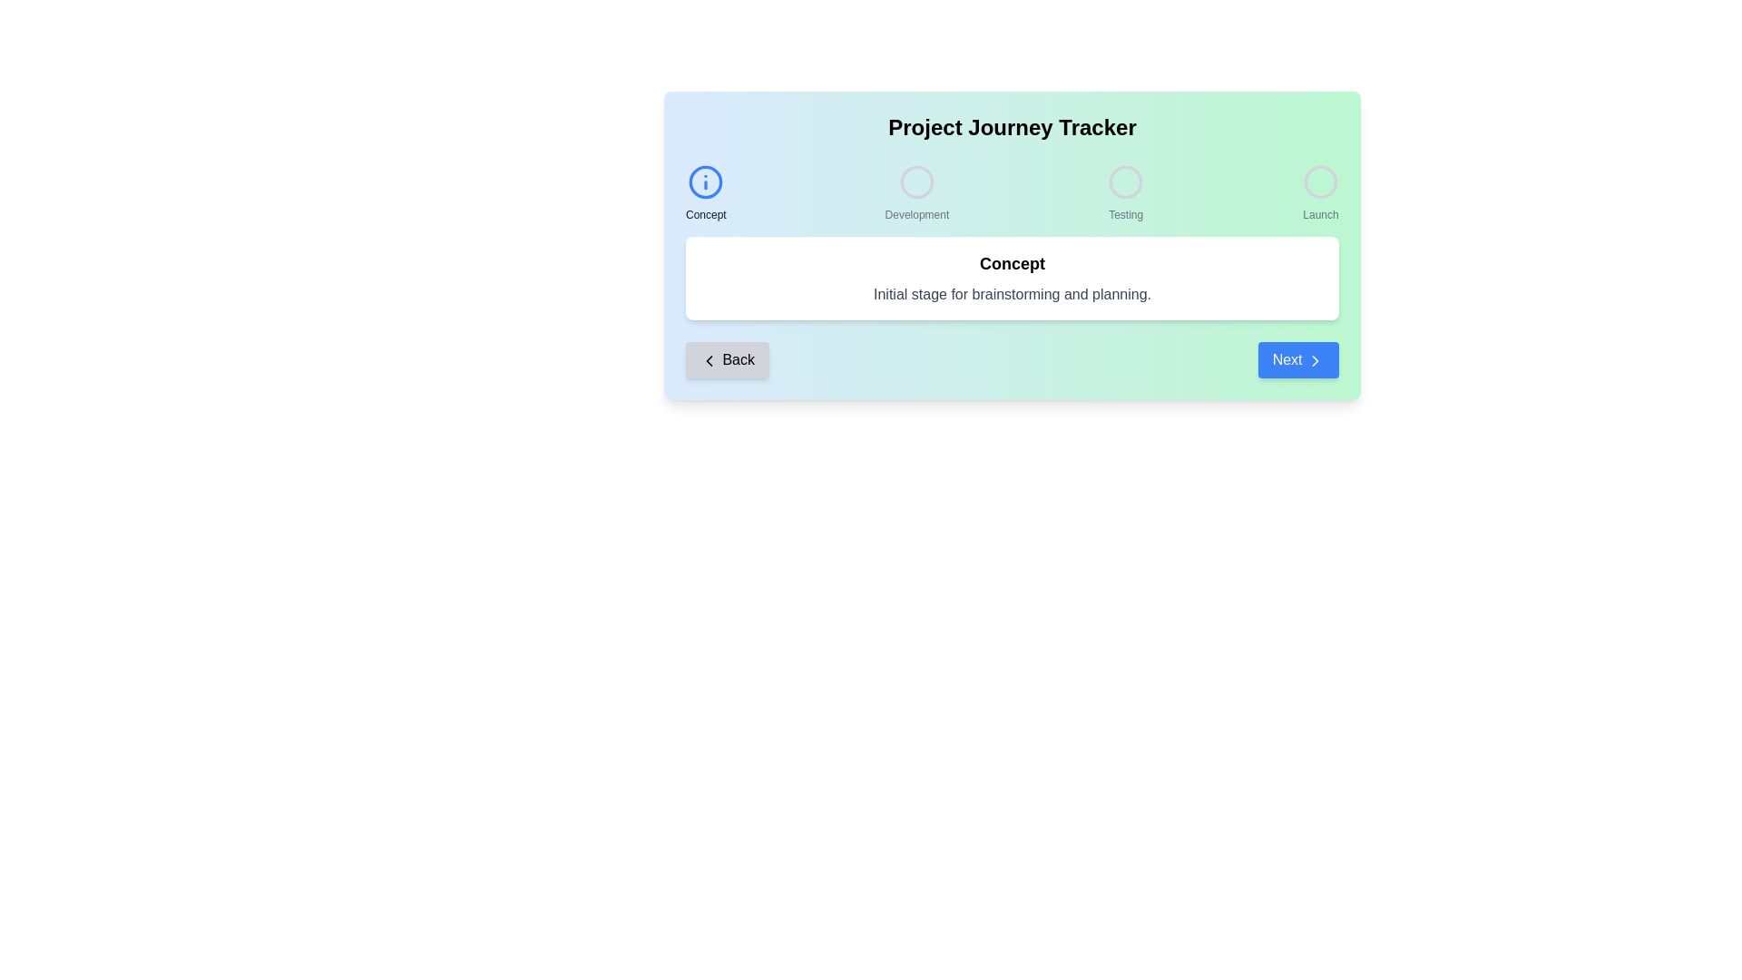 The image size is (1742, 980). What do you see at coordinates (705, 213) in the screenshot?
I see `the small text label displaying the word 'Concept' in gray, positioned below a blue circular icon with an 'i' symbol` at bounding box center [705, 213].